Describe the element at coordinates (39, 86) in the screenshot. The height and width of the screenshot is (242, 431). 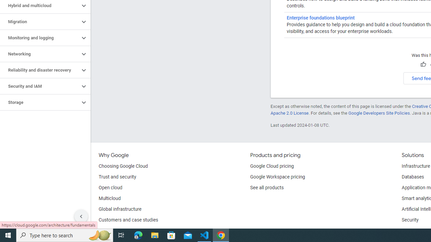
I see `'Security and IAM'` at that location.